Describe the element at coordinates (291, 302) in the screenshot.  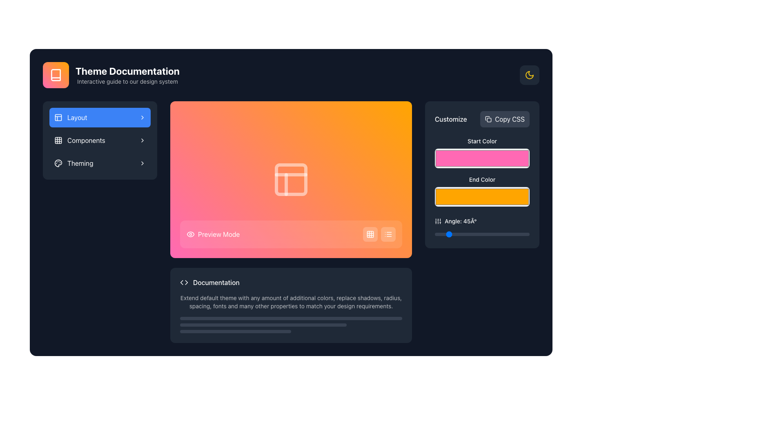
I see `the text element that reads 'Extend default theme with any amount of additional colors, replace shadows, radius, spacing, fonts and many other properties to match your design requirements.' positioned below the 'Documentation' heading` at that location.